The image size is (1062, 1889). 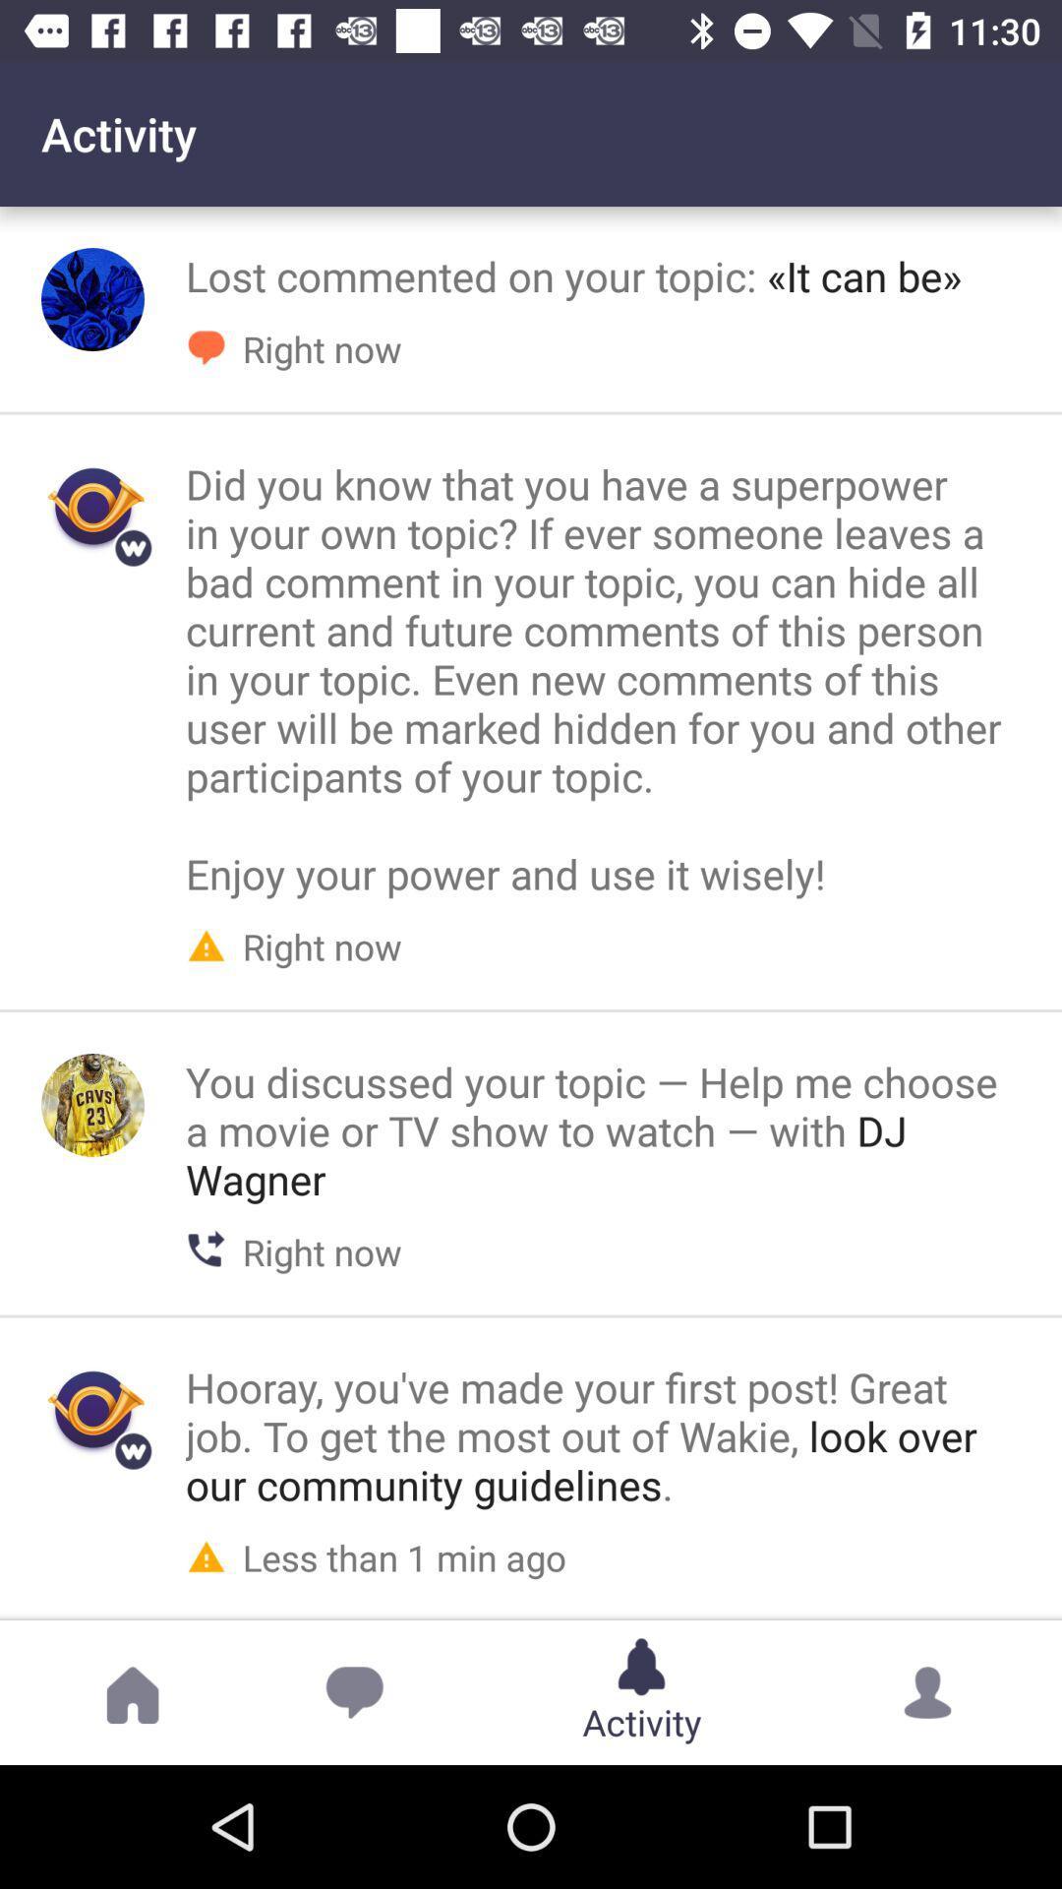 I want to click on view person, so click(x=92, y=1105).